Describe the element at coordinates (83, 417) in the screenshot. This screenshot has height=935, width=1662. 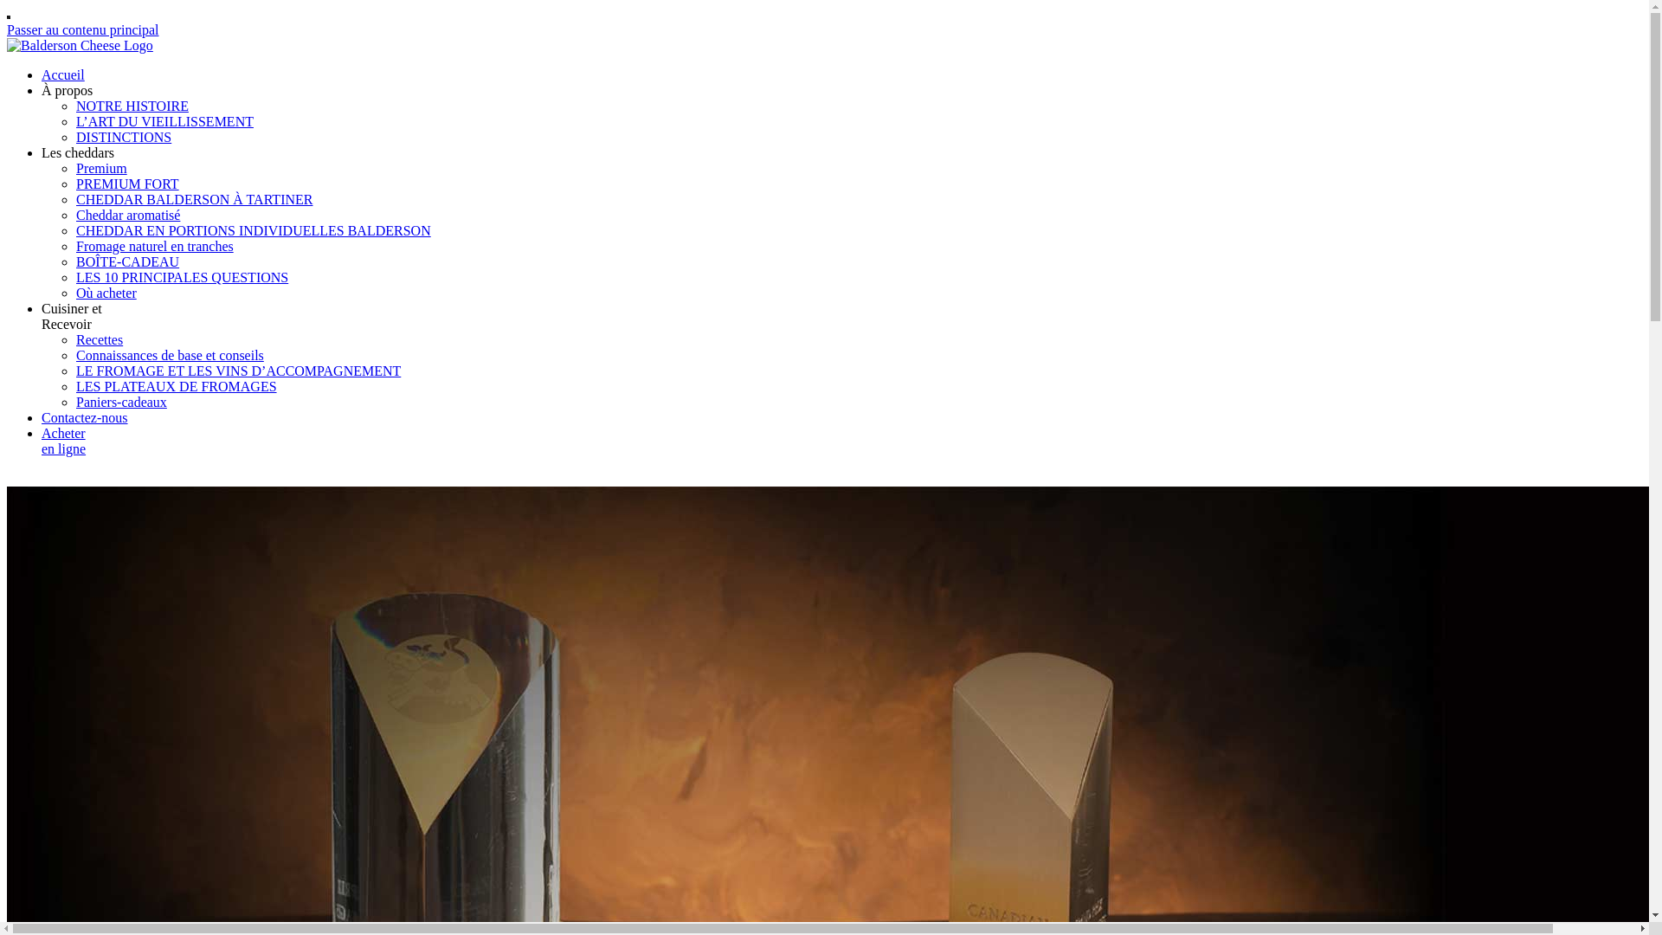
I see `'Contactez-nous'` at that location.